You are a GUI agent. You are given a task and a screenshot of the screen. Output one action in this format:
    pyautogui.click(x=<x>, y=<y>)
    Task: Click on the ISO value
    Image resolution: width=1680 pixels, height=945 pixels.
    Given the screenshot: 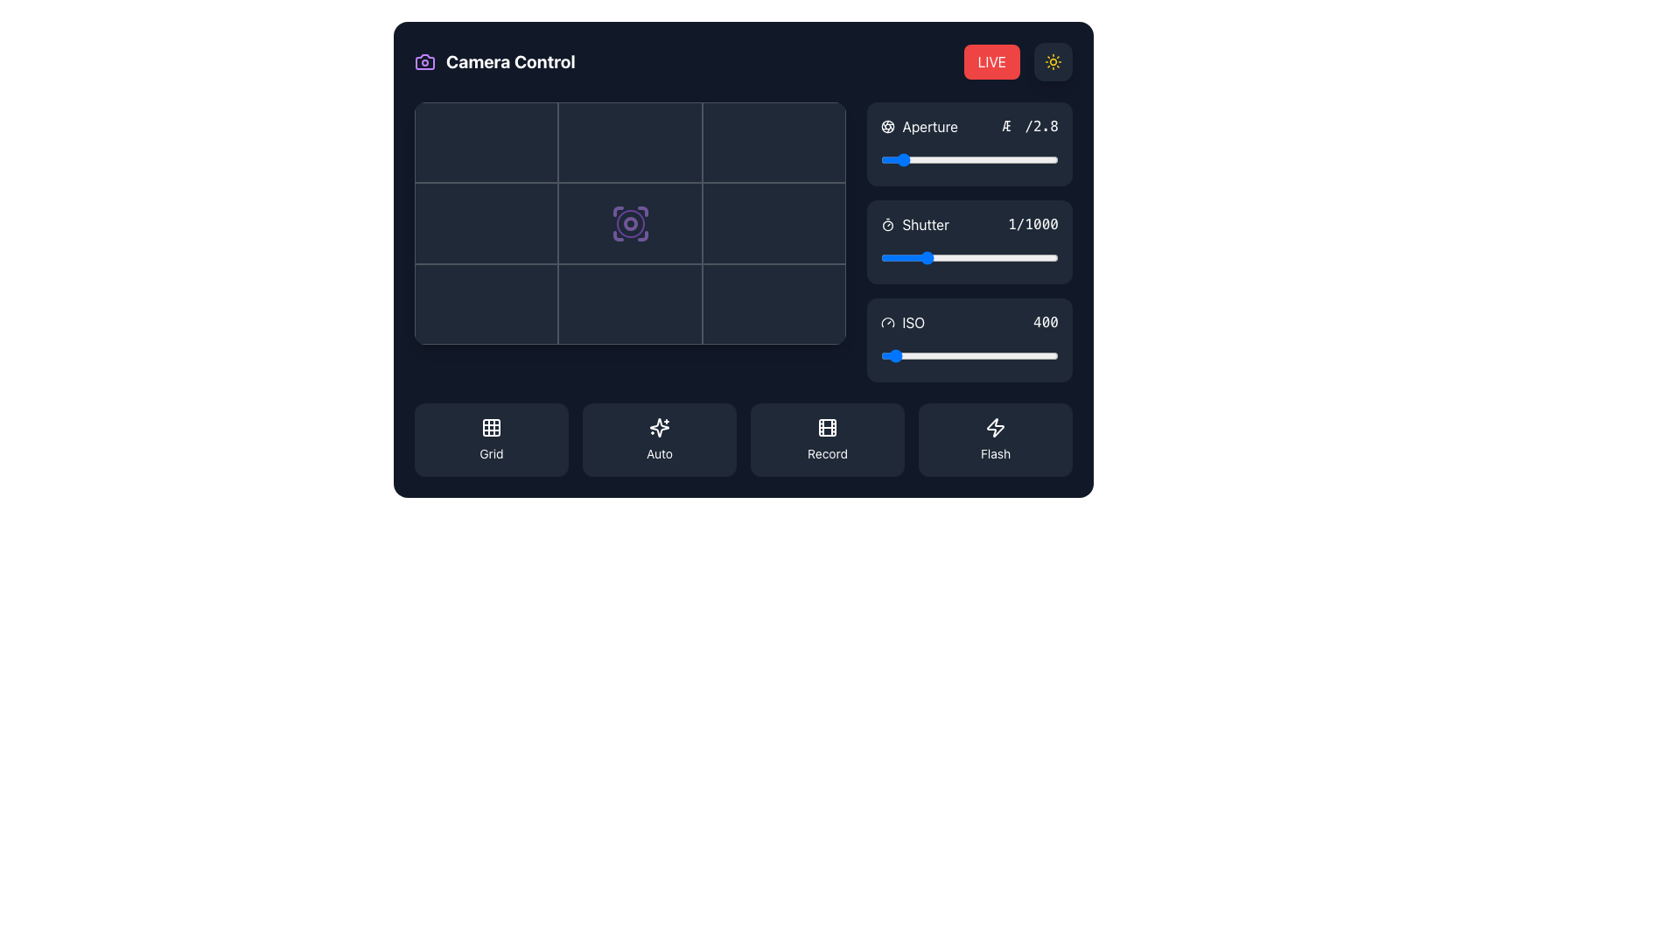 What is the action you would take?
    pyautogui.click(x=990, y=355)
    